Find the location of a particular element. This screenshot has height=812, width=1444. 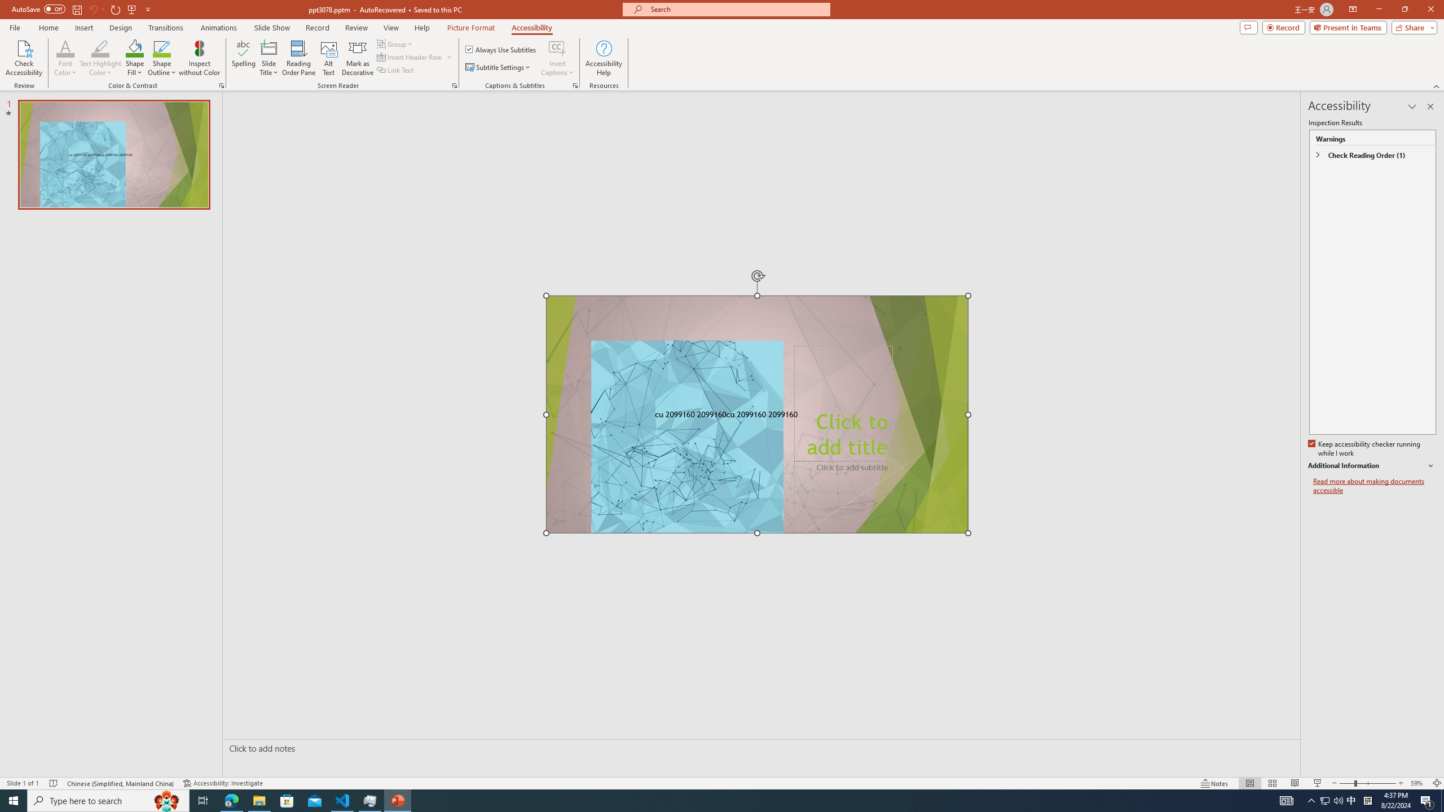

'Shape Outline' is located at coordinates (162, 58).